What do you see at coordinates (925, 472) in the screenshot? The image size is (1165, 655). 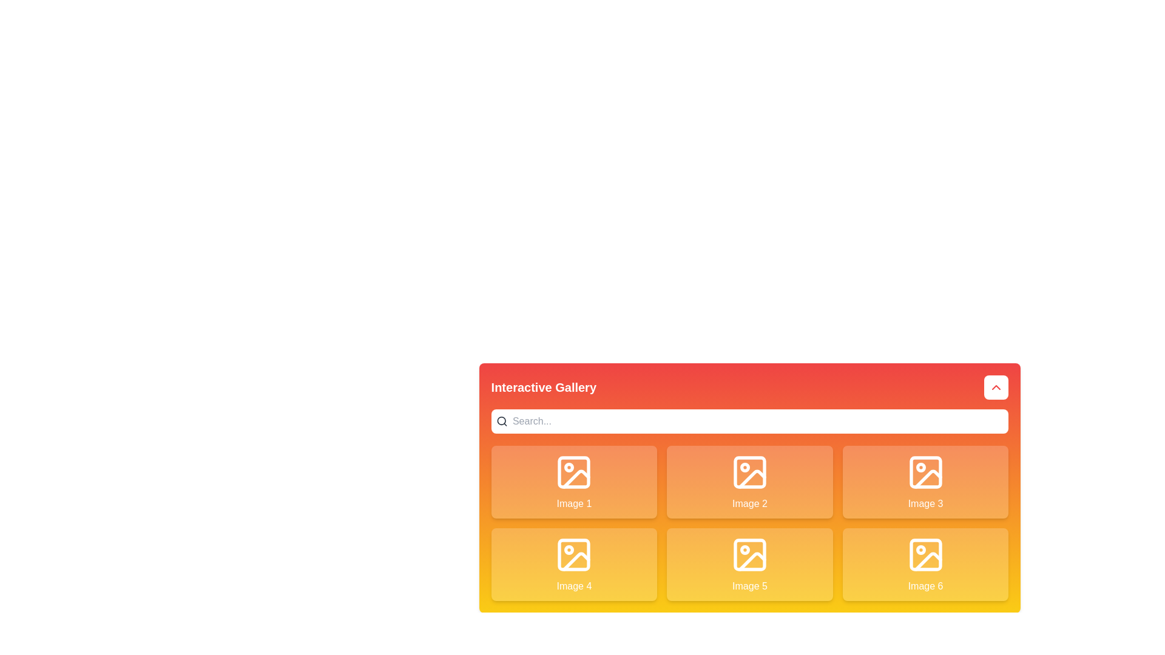 I see `the SVG graphic icon labeled 'Image 3' which is located in the second row, third column of the grid layout` at bounding box center [925, 472].